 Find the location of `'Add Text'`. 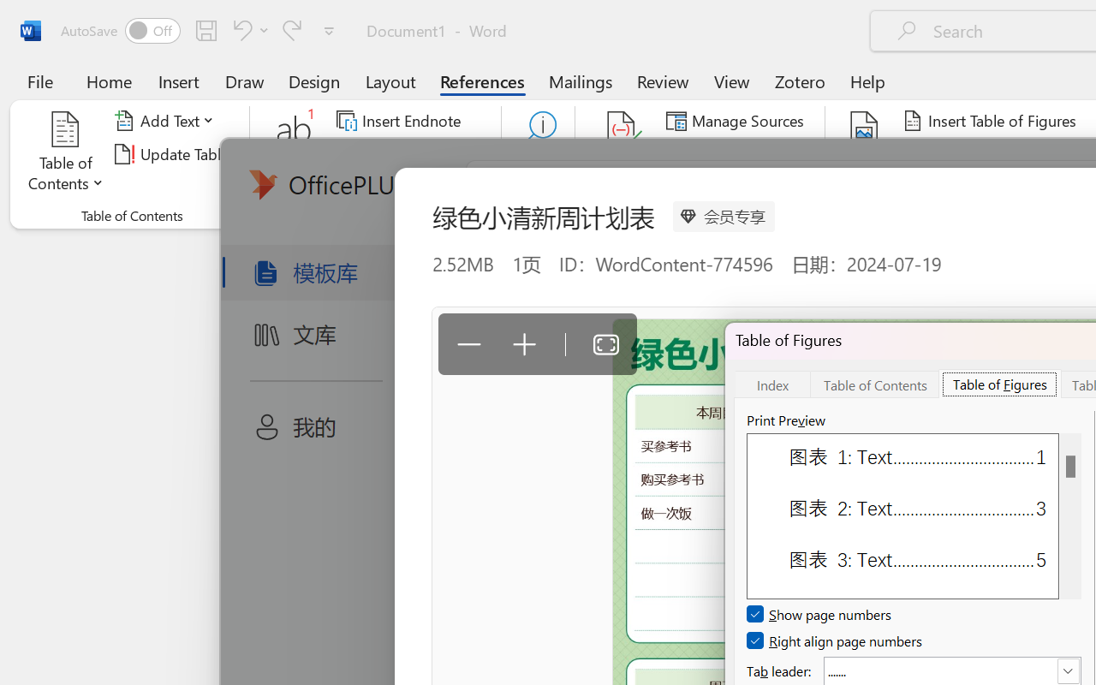

'Add Text' is located at coordinates (167, 121).